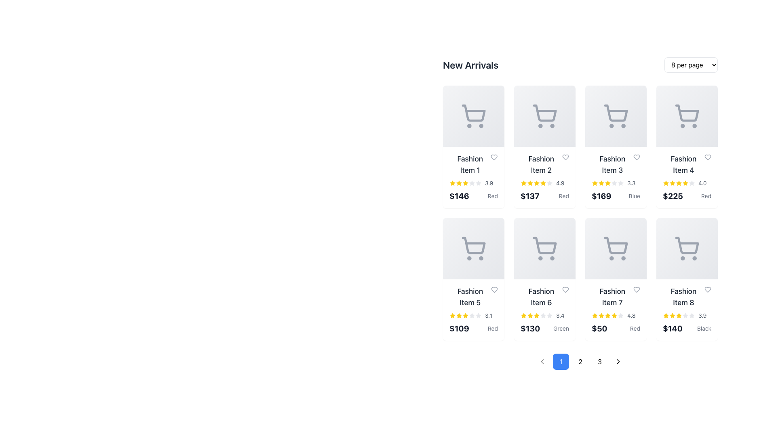 Image resolution: width=776 pixels, height=436 pixels. What do you see at coordinates (473, 196) in the screenshot?
I see `the price label displaying '$146' in bold red text at the bottom of the first item in the 'New Arrivals' section` at bounding box center [473, 196].